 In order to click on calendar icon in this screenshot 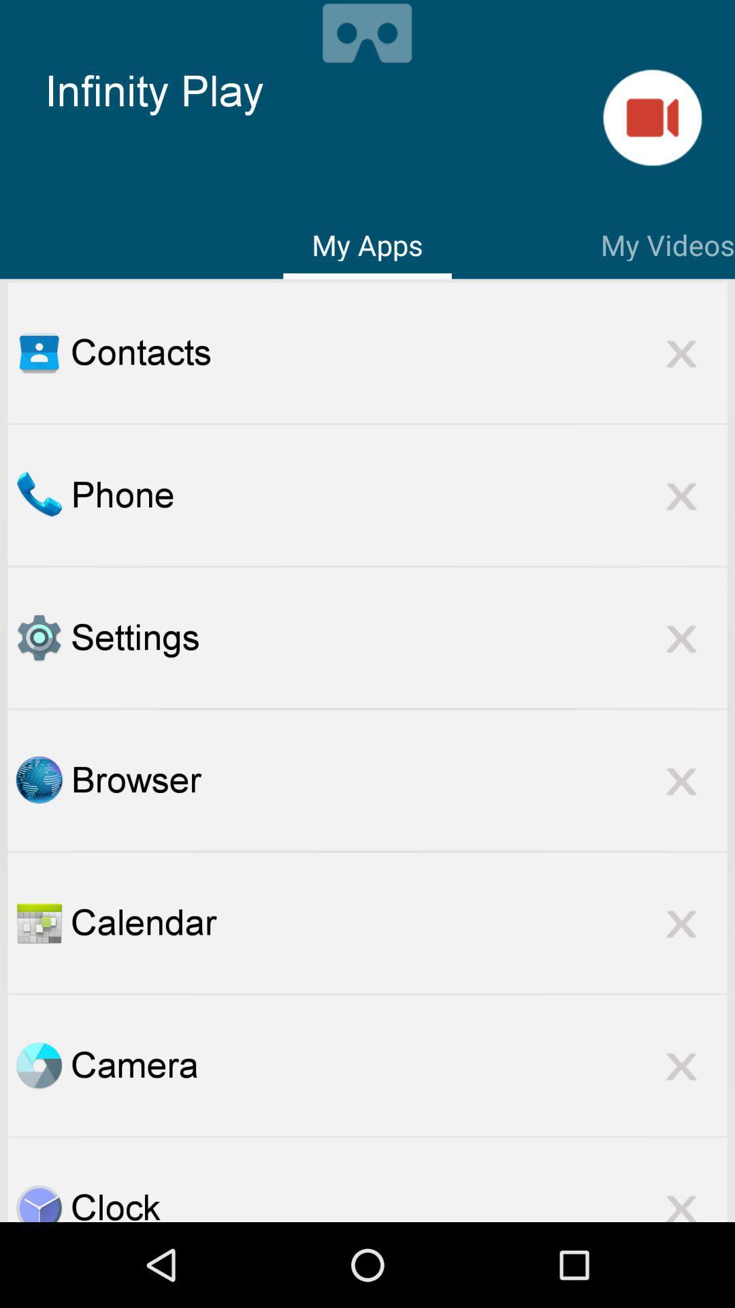, I will do `click(398, 922)`.